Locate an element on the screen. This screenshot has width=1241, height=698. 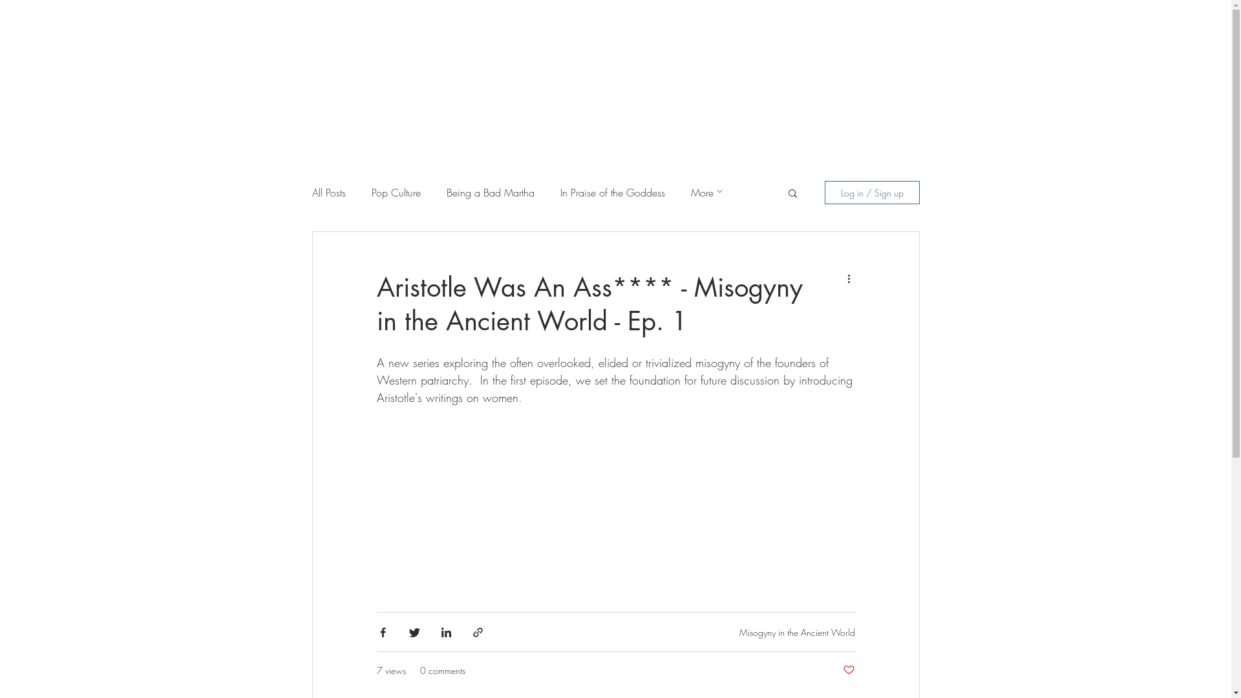
'Log in / Sign up' is located at coordinates (872, 192).